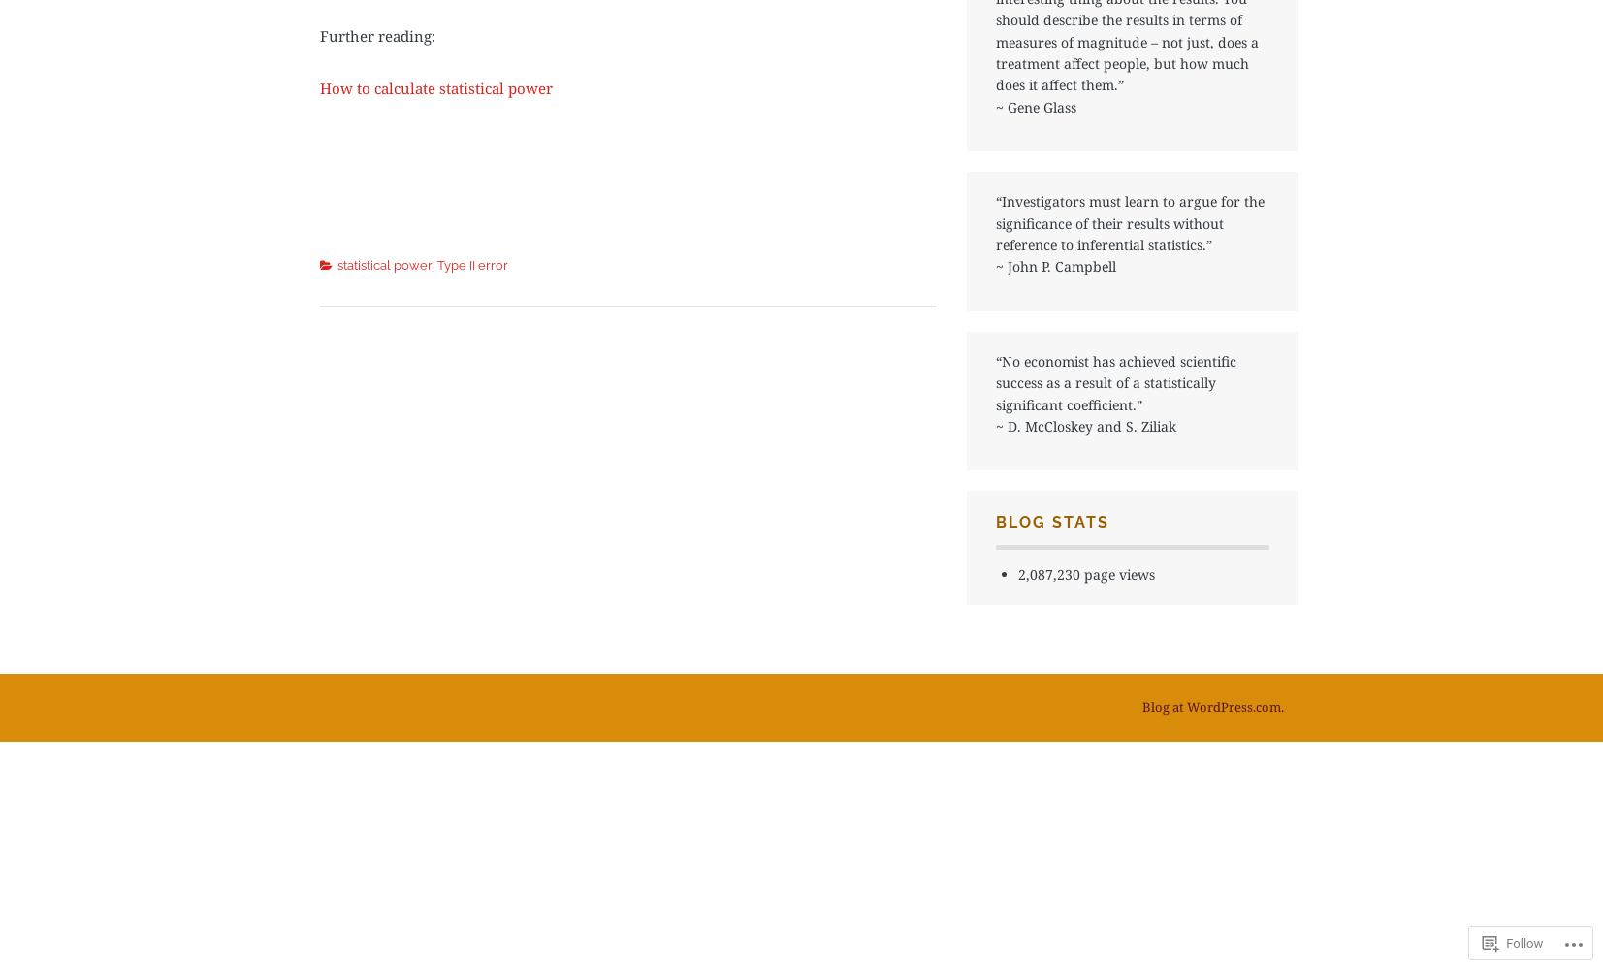 This screenshot has width=1603, height=970. What do you see at coordinates (996, 266) in the screenshot?
I see `'~ John P. Campbell'` at bounding box center [996, 266].